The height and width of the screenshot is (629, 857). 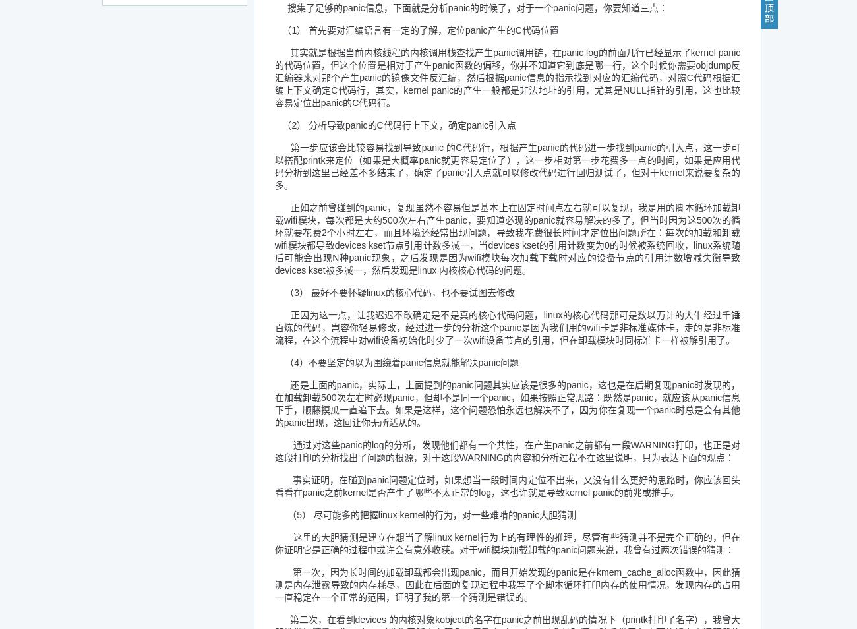 I want to click on '第一步应该会比较容易找到导致panic 的C代码行，根据产生panic的代码进一步找到panic的引入点，这一步可以搭配printk来定位（如果是大概率panic就更容易定位了），这一步相对第一步花费多一点的时间，如果是应用代码分析到这里已经差不多结束了，确定了panic引入点就可以修改代码进行回归测试了，但对于kernel来说要复杂的多。', so click(x=506, y=166).